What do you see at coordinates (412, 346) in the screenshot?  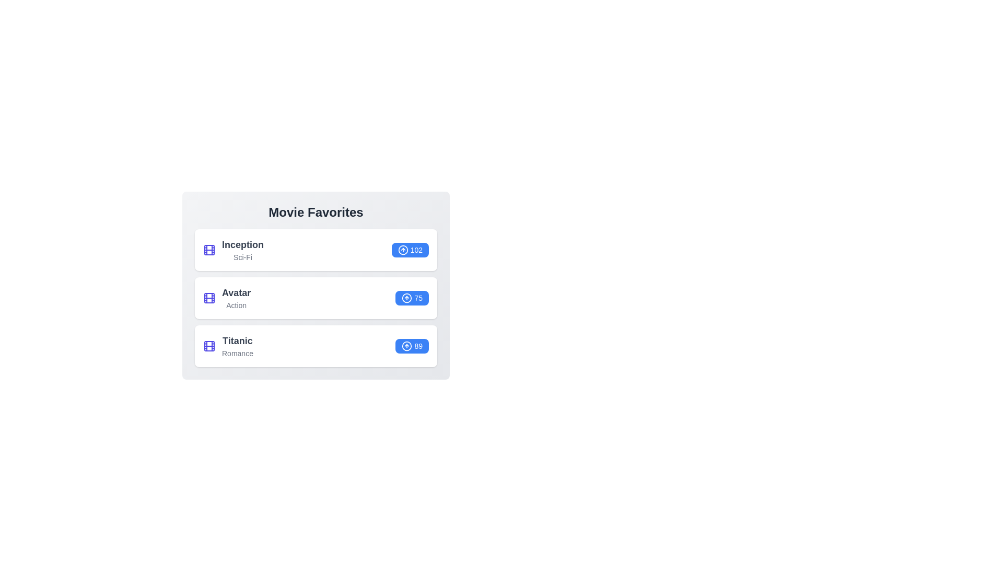 I see `vote button next to the movie Titanic to increment its vote count` at bounding box center [412, 346].